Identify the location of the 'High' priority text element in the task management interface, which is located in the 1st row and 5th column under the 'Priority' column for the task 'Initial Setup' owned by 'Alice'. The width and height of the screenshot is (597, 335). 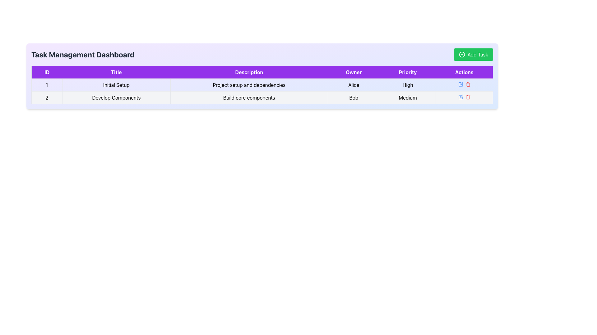
(408, 85).